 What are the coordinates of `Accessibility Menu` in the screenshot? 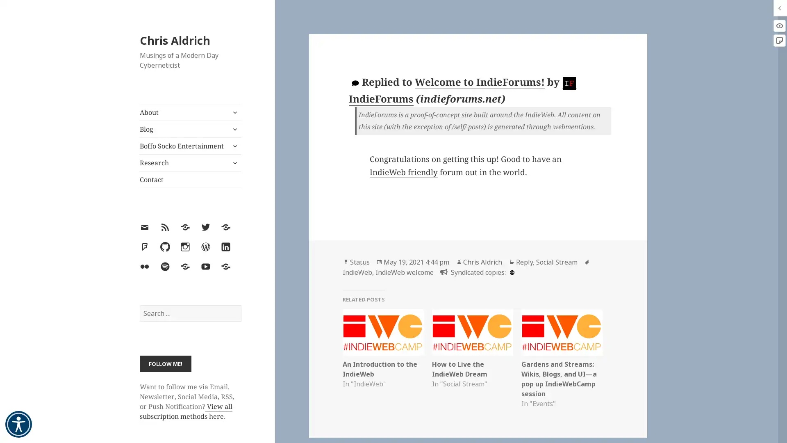 It's located at (18, 424).